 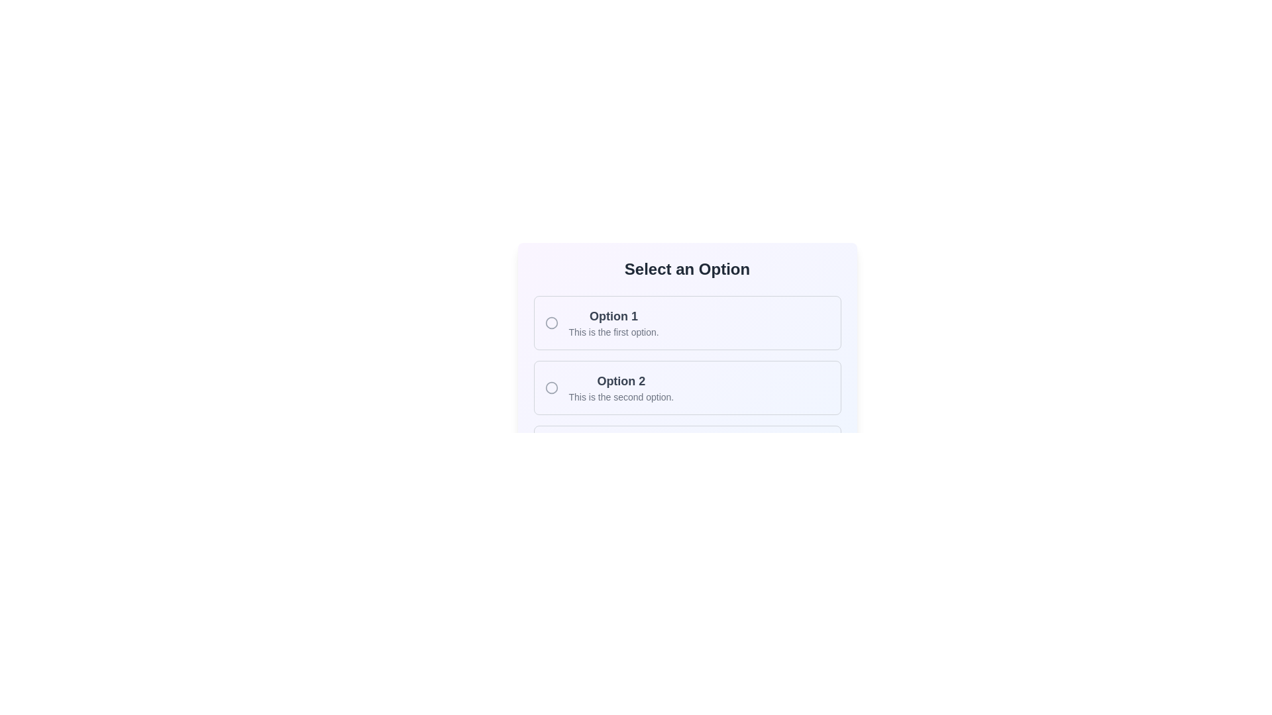 What do you see at coordinates (620, 387) in the screenshot?
I see `information displayed in the Label for the selectable radio option titled 'Option 2', which includes the description 'This is the second option.'` at bounding box center [620, 387].